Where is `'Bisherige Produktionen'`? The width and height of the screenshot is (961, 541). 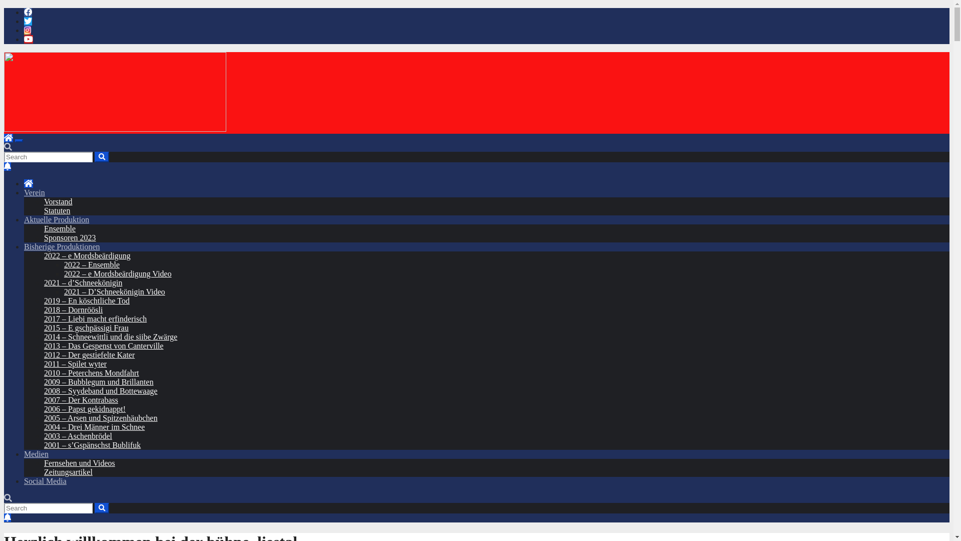
'Bisherige Produktionen' is located at coordinates (62, 246).